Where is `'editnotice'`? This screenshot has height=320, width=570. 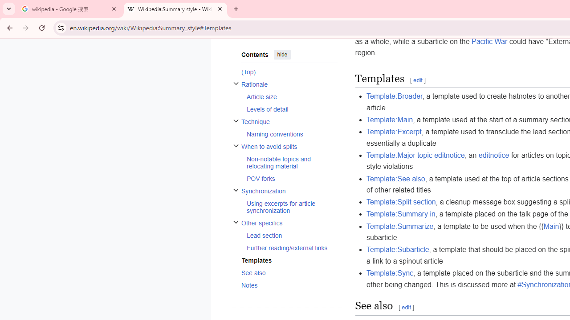 'editnotice' is located at coordinates (493, 154).